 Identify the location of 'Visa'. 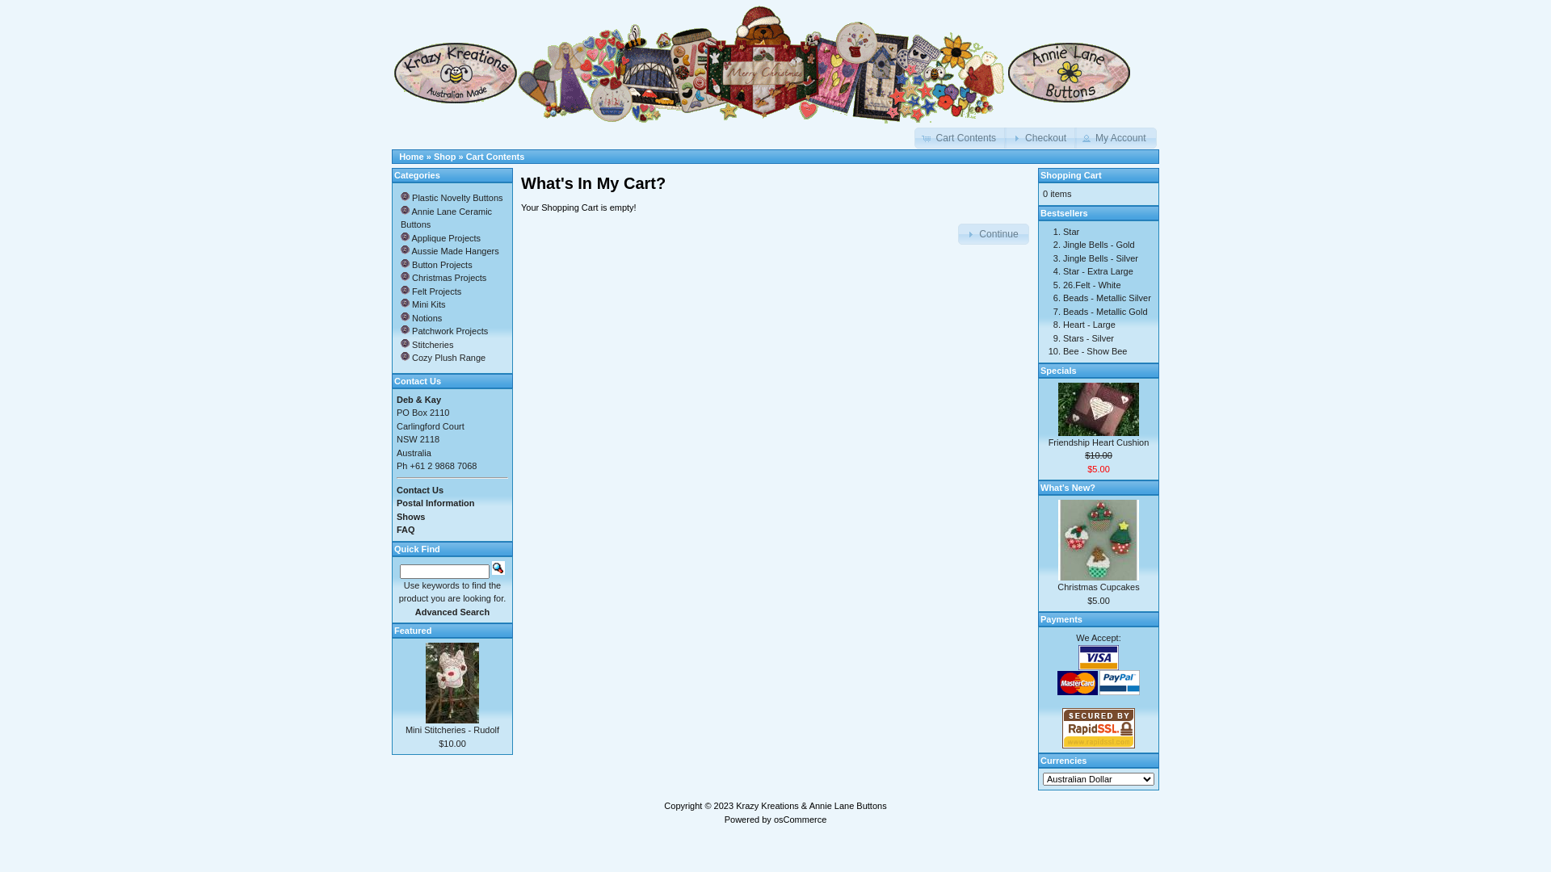
(1078, 656).